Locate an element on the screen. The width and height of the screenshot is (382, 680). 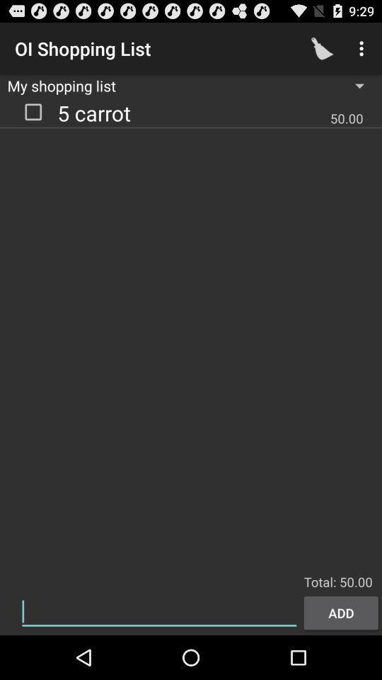
textbox is located at coordinates (158, 611).